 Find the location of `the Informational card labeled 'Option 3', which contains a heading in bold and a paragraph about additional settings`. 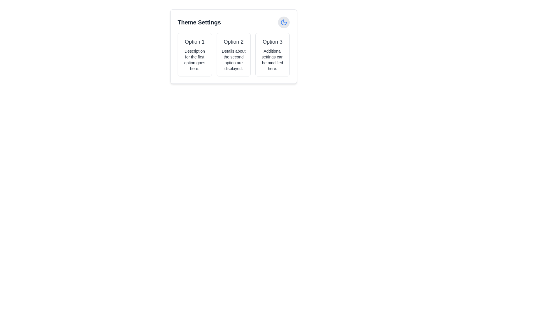

the Informational card labeled 'Option 3', which contains a heading in bold and a paragraph about additional settings is located at coordinates (272, 55).